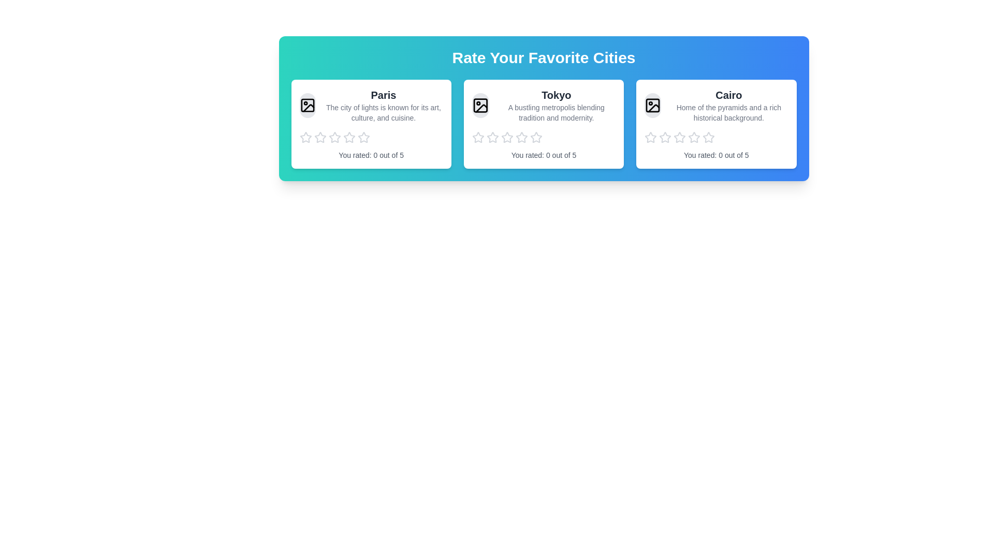 The image size is (994, 559). I want to click on SVG icon part resembling a slanted line within the 'Rate Your Favorite Cities' section labeled 'Cairo', so click(653, 108).